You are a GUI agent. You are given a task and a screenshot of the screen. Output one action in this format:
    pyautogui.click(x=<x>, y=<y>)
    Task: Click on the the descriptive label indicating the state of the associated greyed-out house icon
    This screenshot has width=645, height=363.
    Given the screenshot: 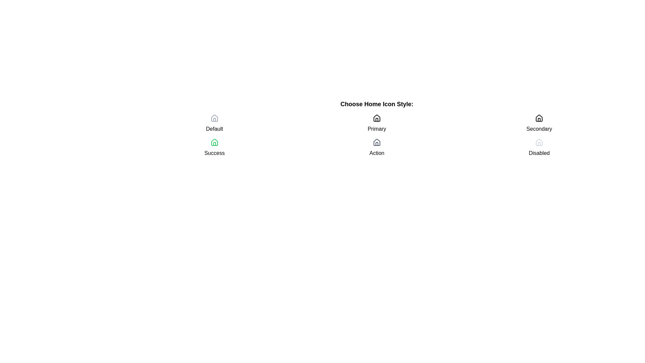 What is the action you would take?
    pyautogui.click(x=539, y=153)
    